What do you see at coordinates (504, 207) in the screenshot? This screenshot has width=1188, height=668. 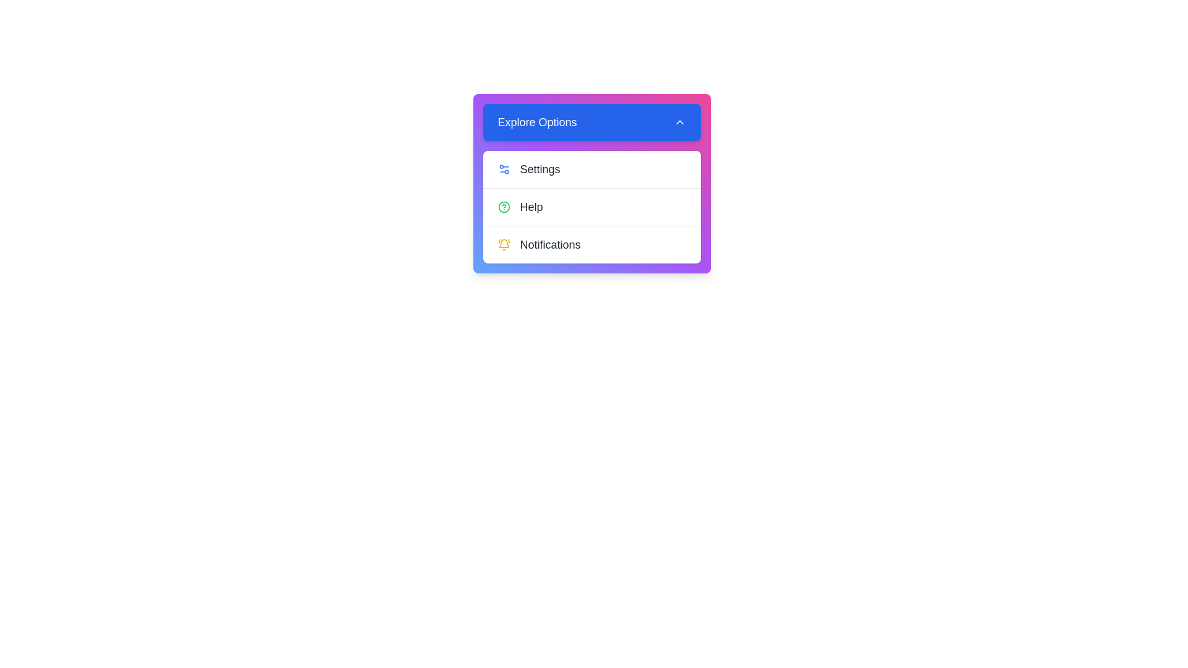 I see `the icon next to the menu item Help` at bounding box center [504, 207].